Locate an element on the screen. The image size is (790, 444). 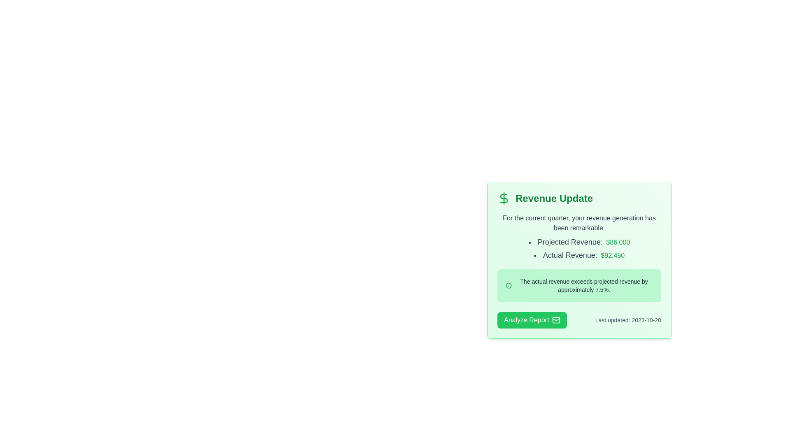
the envelope icon that is part of the 'Analyze Report' button located at the lower left corner of the button area is located at coordinates (556, 320).